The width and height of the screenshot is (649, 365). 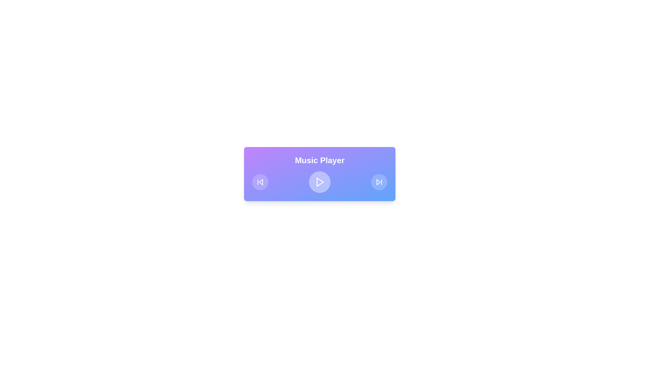 I want to click on the leftmost button in the horizontal row of three controls on the music player interface, so click(x=260, y=182).